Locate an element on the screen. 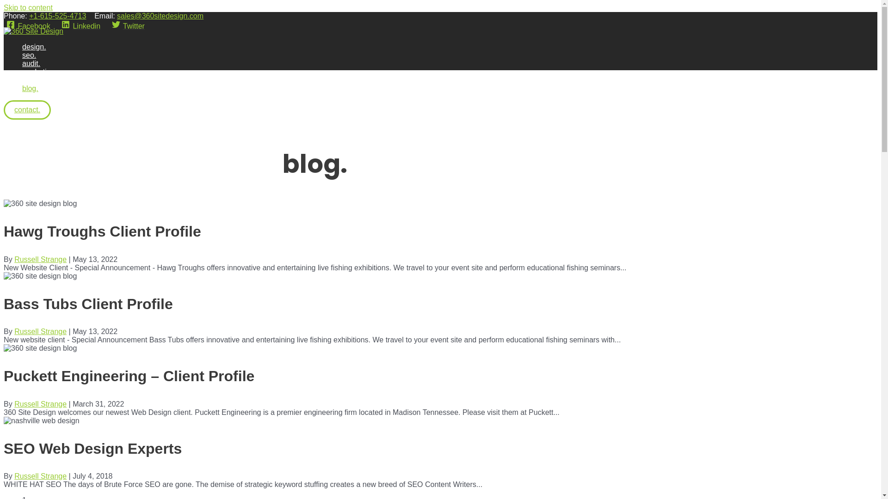 The width and height of the screenshot is (888, 499). 'marketing.' is located at coordinates (40, 71).